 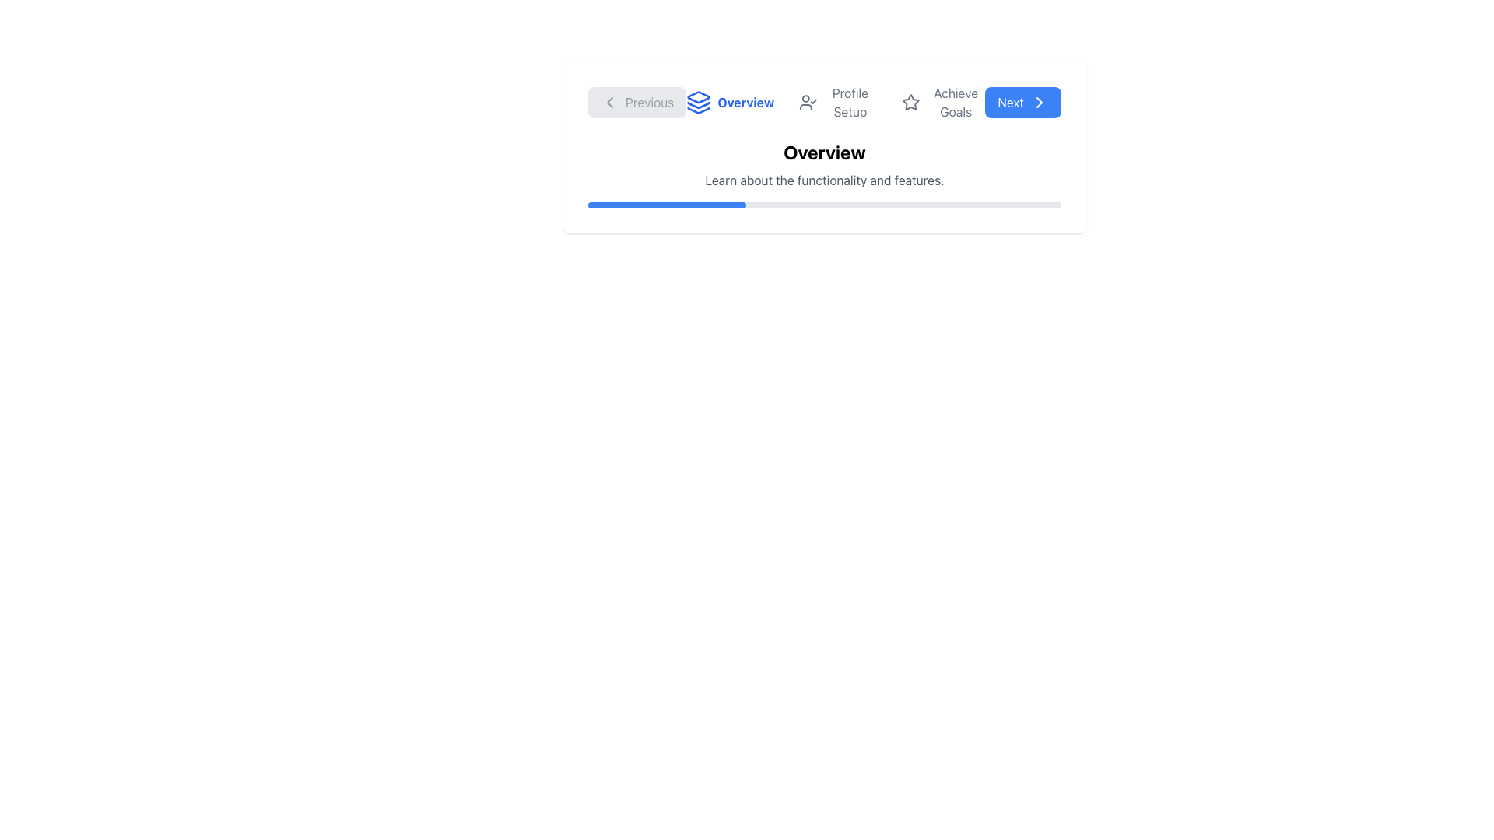 I want to click on the left-facing chevron arrow icon located on the upper left side of the interface, adjacent to the text 'Previous', which indicates backward navigation, so click(x=608, y=102).